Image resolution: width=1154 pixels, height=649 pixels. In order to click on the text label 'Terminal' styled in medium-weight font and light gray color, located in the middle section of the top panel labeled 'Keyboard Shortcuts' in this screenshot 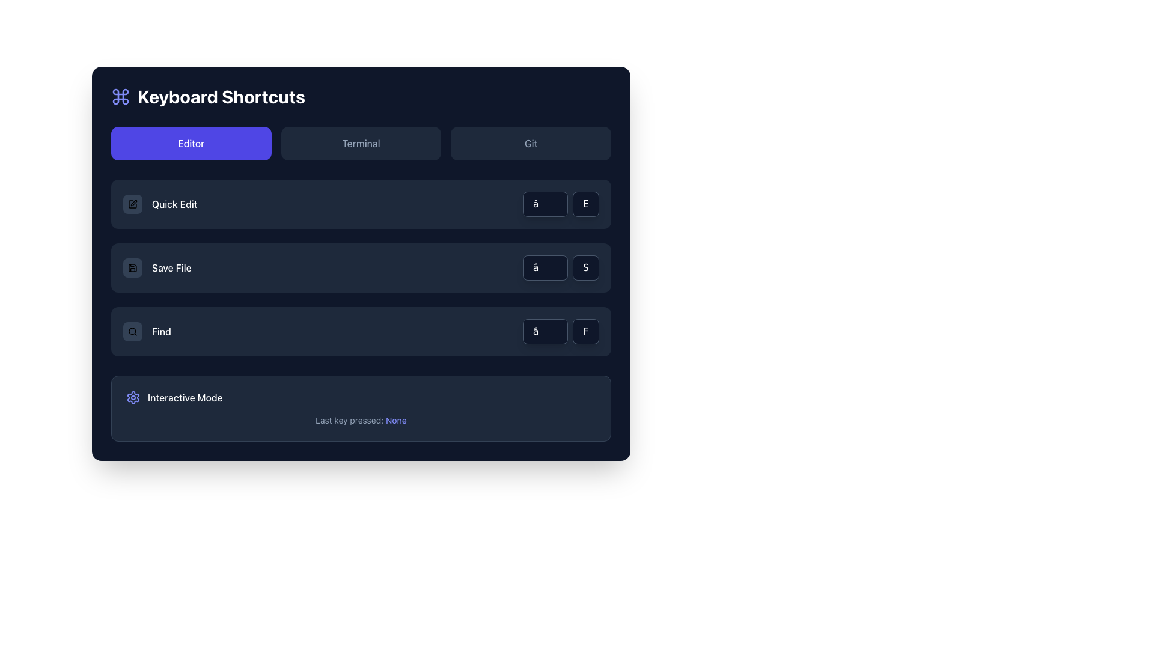, I will do `click(360, 143)`.